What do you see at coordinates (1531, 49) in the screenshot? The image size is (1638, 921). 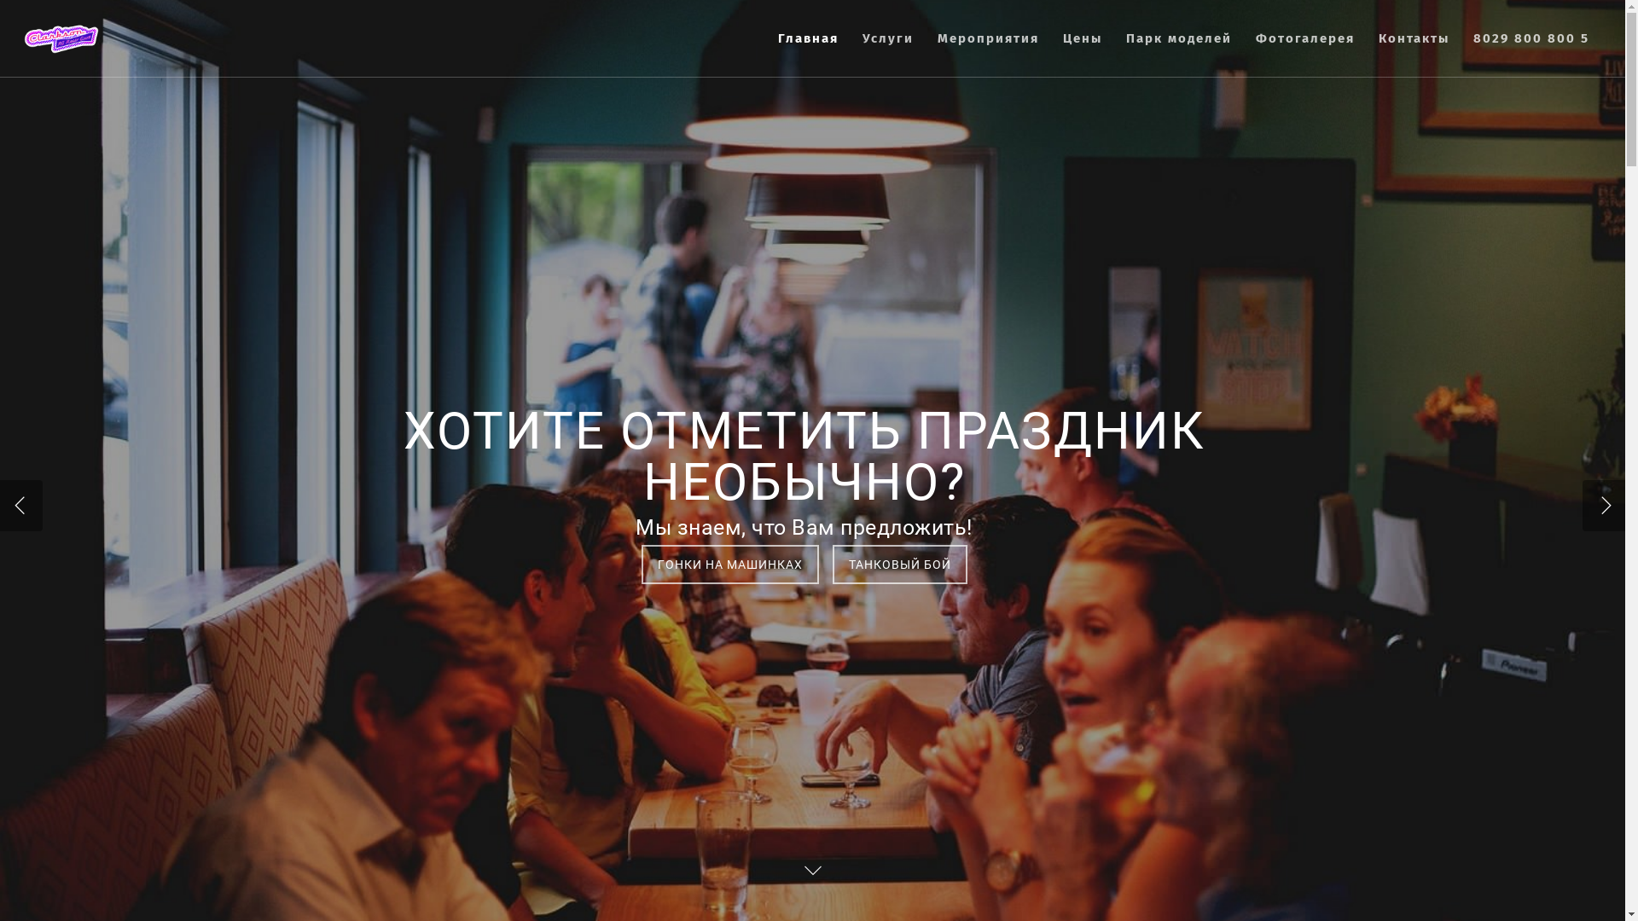 I see `'8029 800 800 5'` at bounding box center [1531, 49].